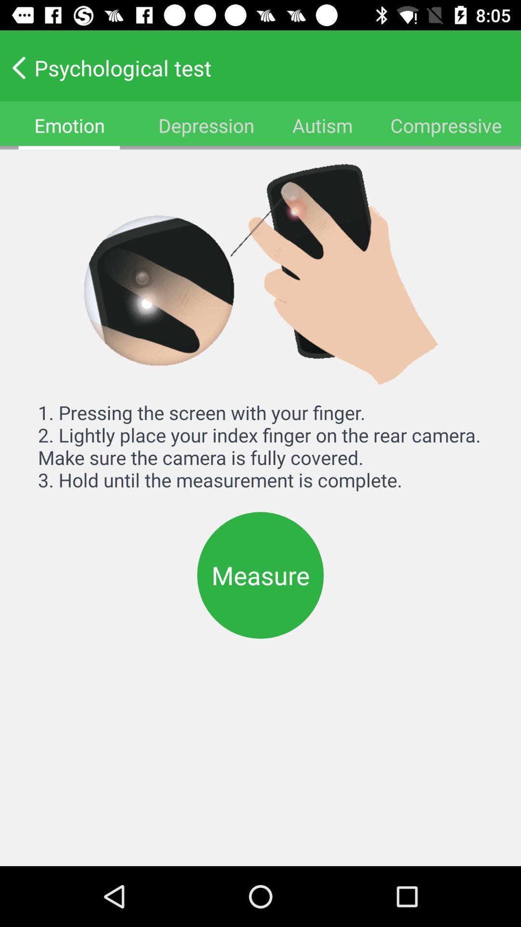 The width and height of the screenshot is (521, 927). Describe the element at coordinates (69, 125) in the screenshot. I see `icon to the left of the depression icon` at that location.